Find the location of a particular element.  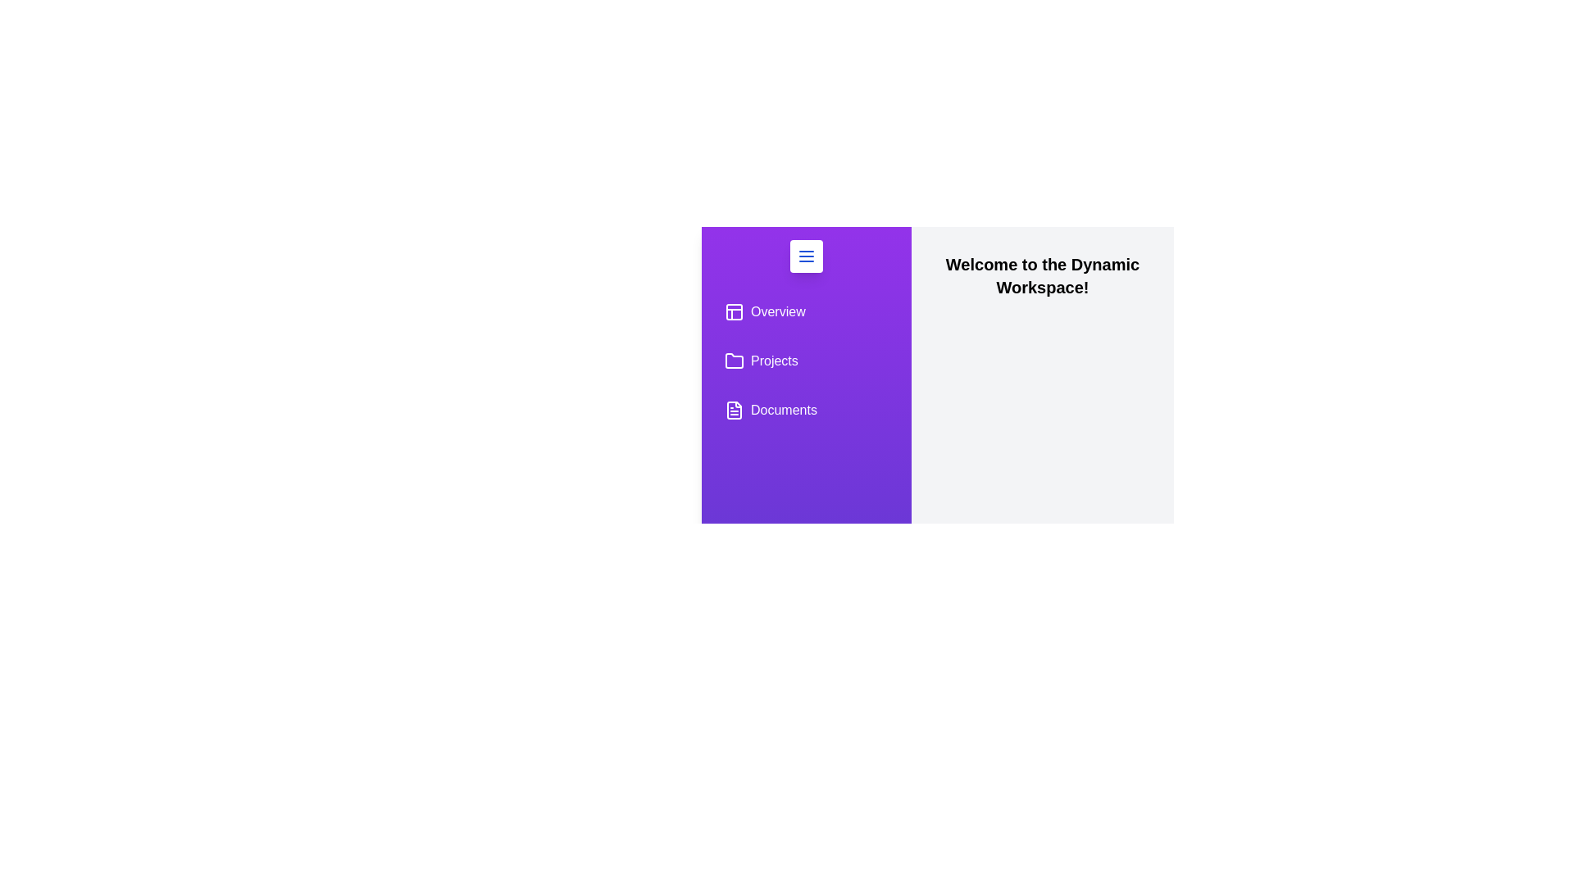

the 'Projects' section in the sidebar is located at coordinates (806, 360).